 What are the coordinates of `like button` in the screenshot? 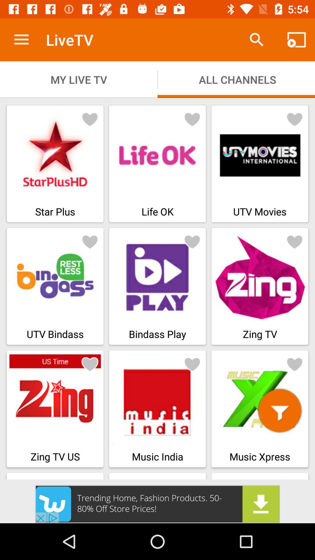 It's located at (90, 242).